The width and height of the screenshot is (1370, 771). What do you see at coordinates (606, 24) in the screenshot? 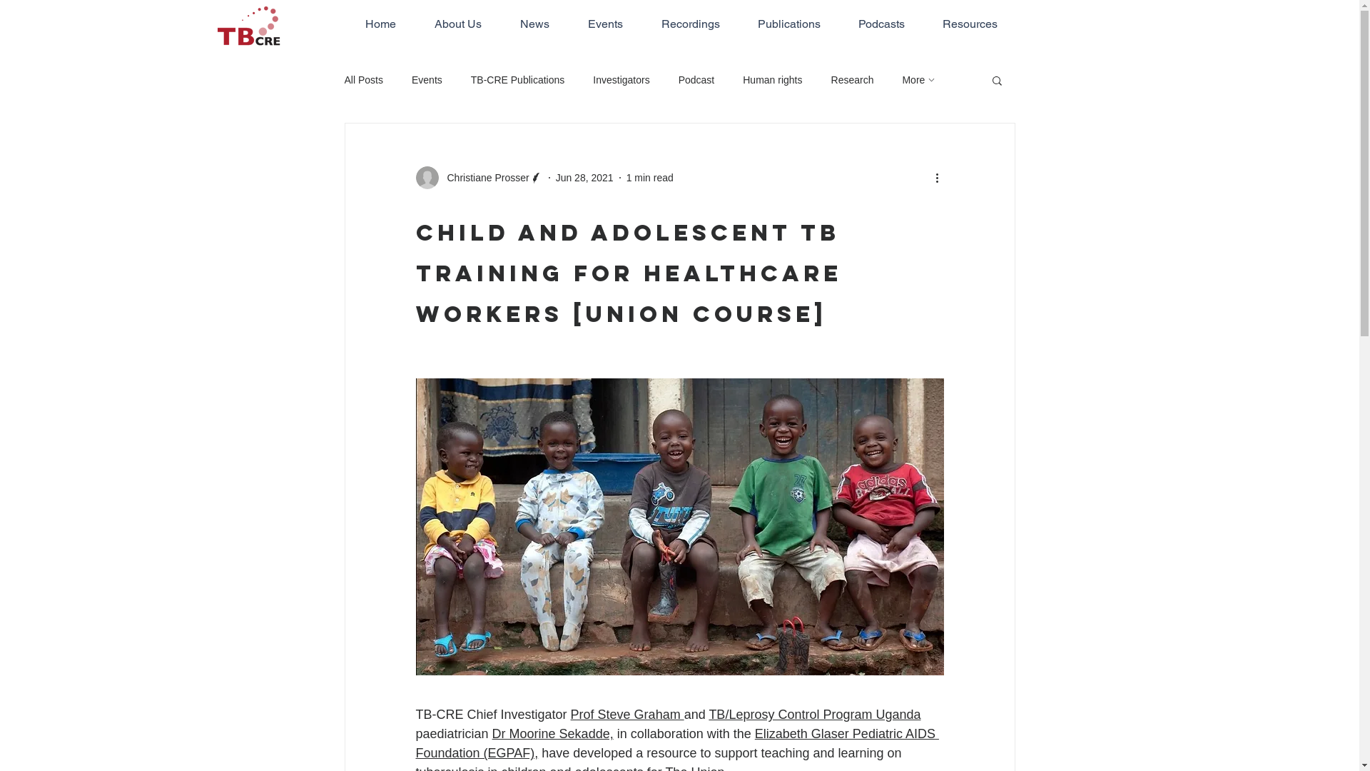
I see `'Events'` at bounding box center [606, 24].